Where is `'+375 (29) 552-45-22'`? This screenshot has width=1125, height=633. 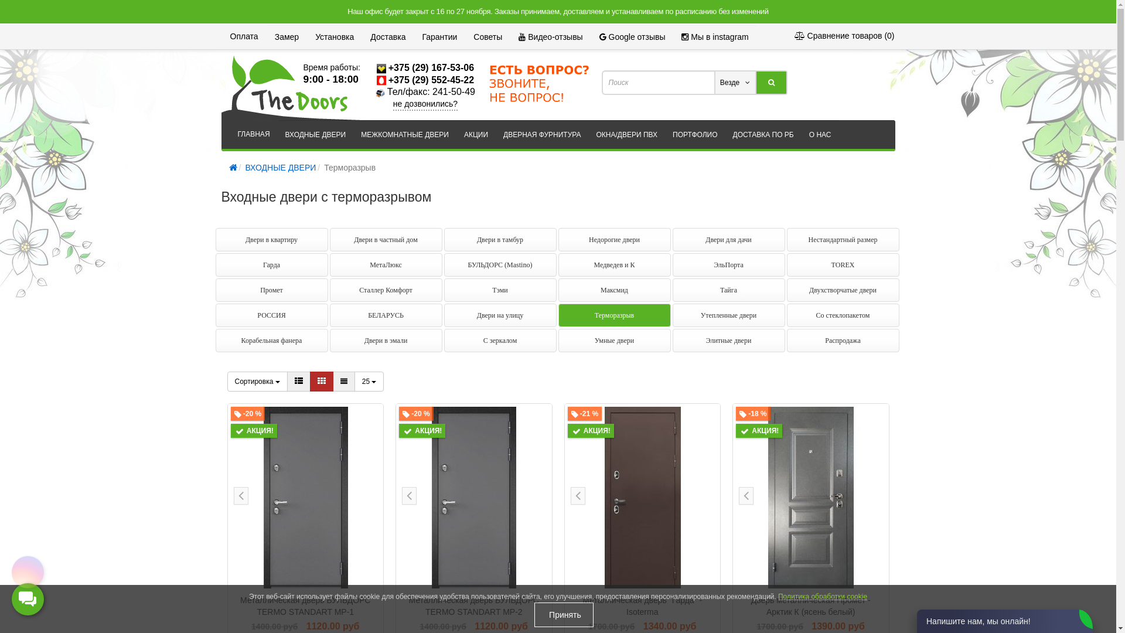 '+375 (29) 552-45-22' is located at coordinates (430, 79).